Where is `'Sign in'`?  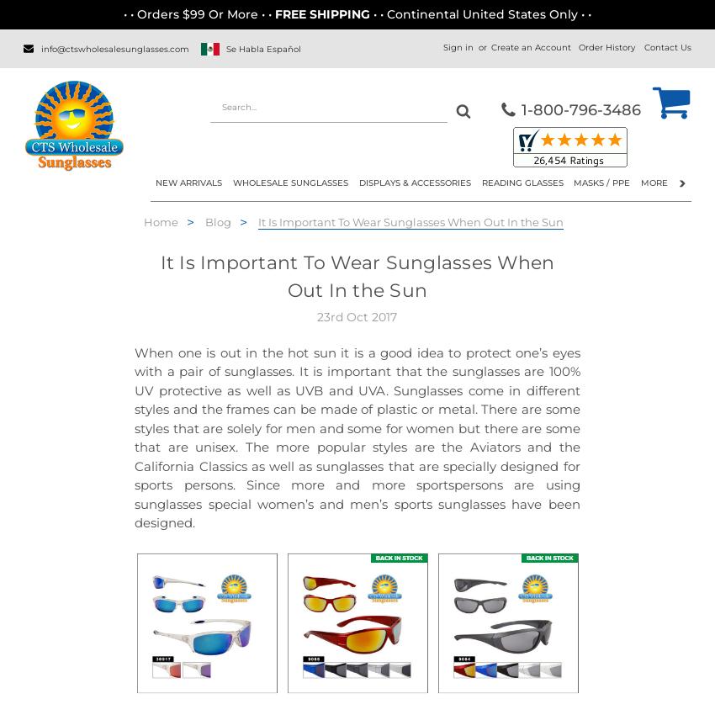 'Sign in' is located at coordinates (458, 46).